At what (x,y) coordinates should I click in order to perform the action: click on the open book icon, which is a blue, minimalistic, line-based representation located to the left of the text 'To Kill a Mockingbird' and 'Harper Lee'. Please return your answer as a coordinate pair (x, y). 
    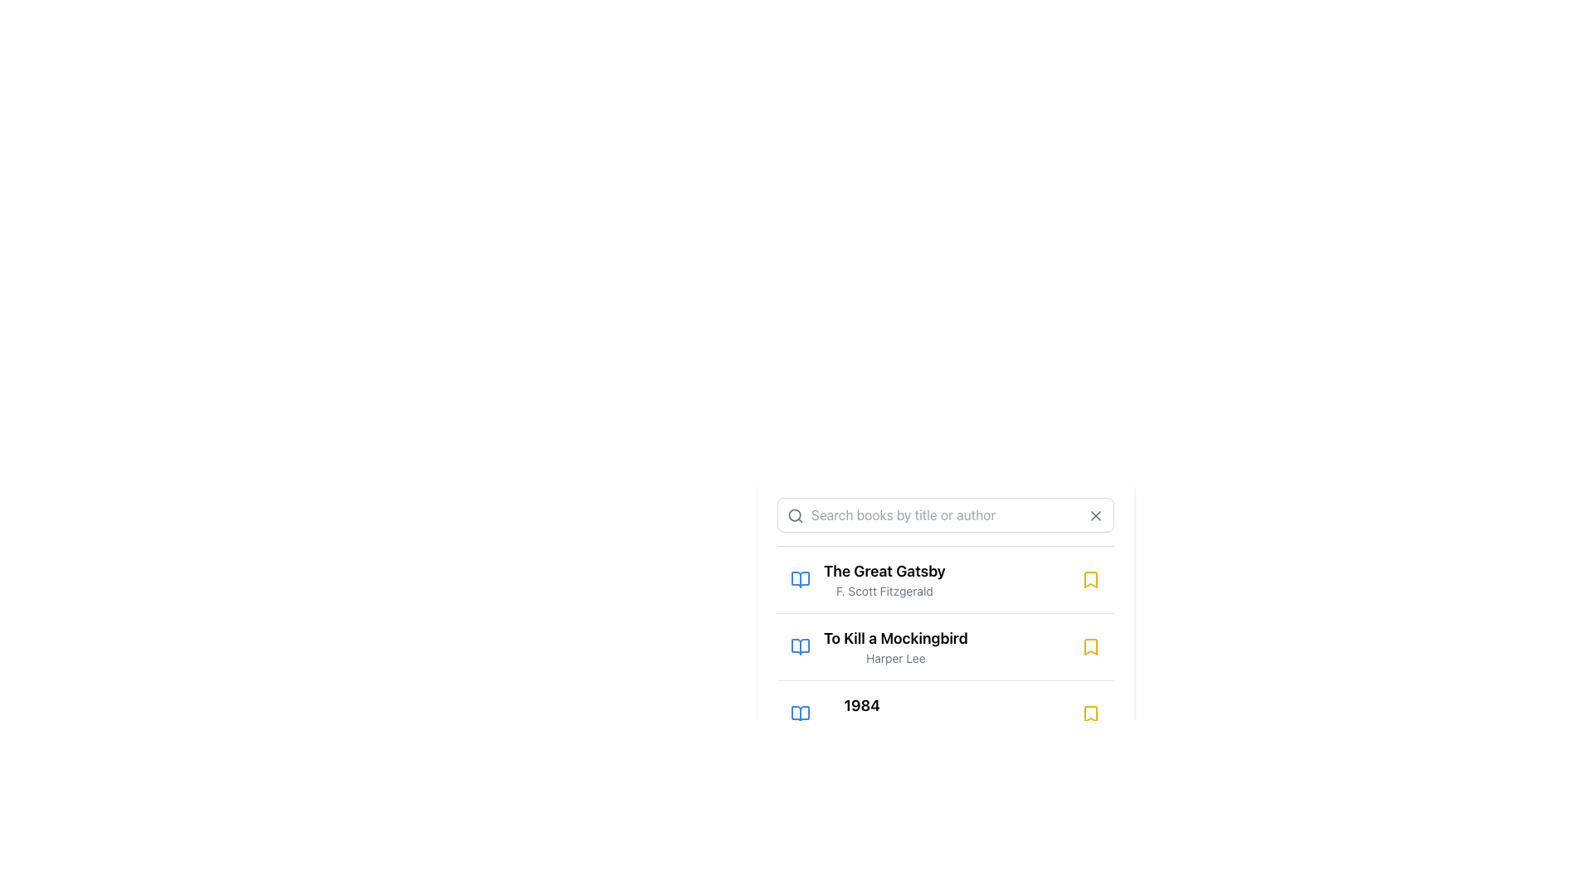
    Looking at the image, I should click on (800, 645).